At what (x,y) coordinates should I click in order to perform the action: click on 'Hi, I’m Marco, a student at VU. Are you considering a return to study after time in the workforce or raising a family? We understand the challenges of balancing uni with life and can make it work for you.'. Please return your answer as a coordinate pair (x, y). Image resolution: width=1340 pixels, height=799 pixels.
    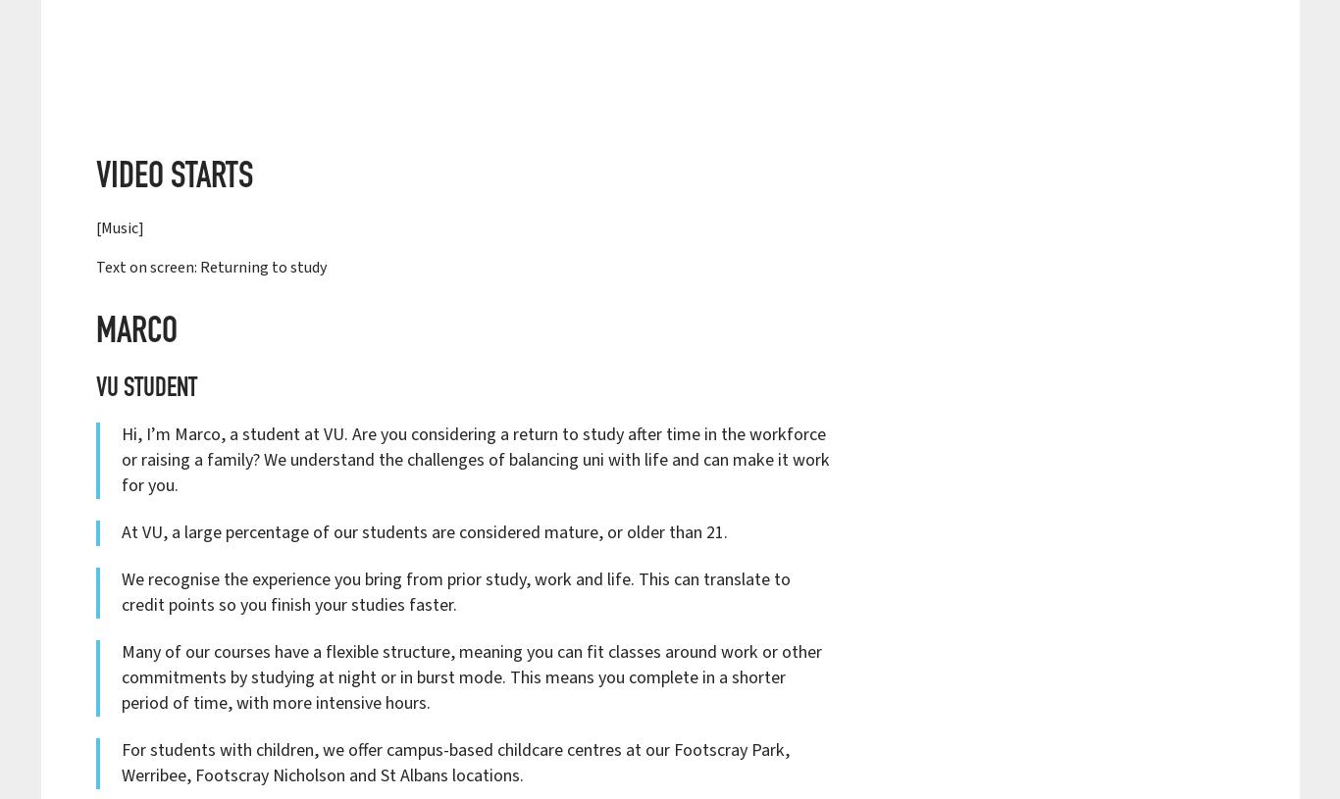
    Looking at the image, I should click on (476, 460).